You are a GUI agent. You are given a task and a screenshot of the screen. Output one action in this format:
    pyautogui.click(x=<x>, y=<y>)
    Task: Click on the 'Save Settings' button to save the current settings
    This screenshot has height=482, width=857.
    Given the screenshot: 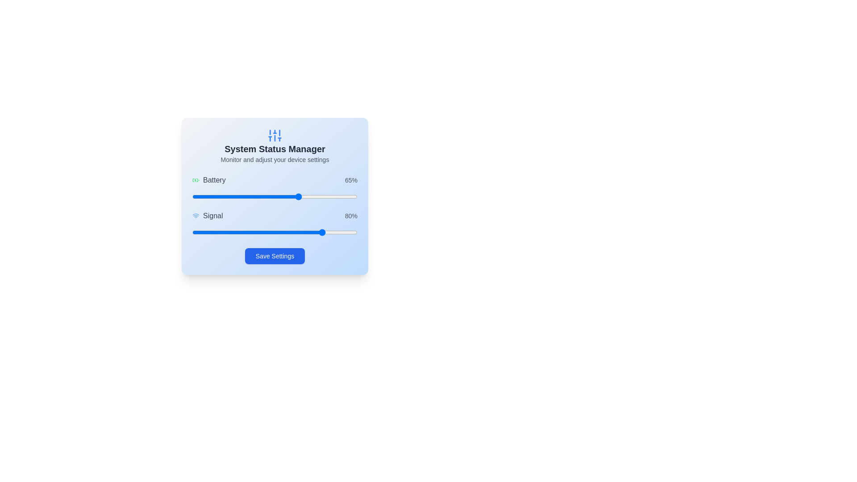 What is the action you would take?
    pyautogui.click(x=274, y=256)
    